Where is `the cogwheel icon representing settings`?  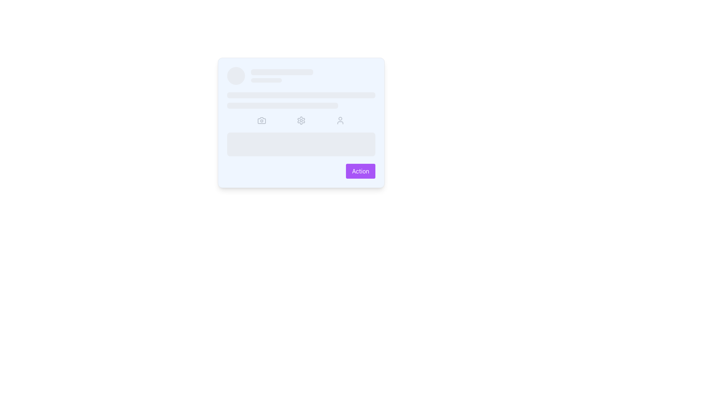 the cogwheel icon representing settings is located at coordinates (301, 120).